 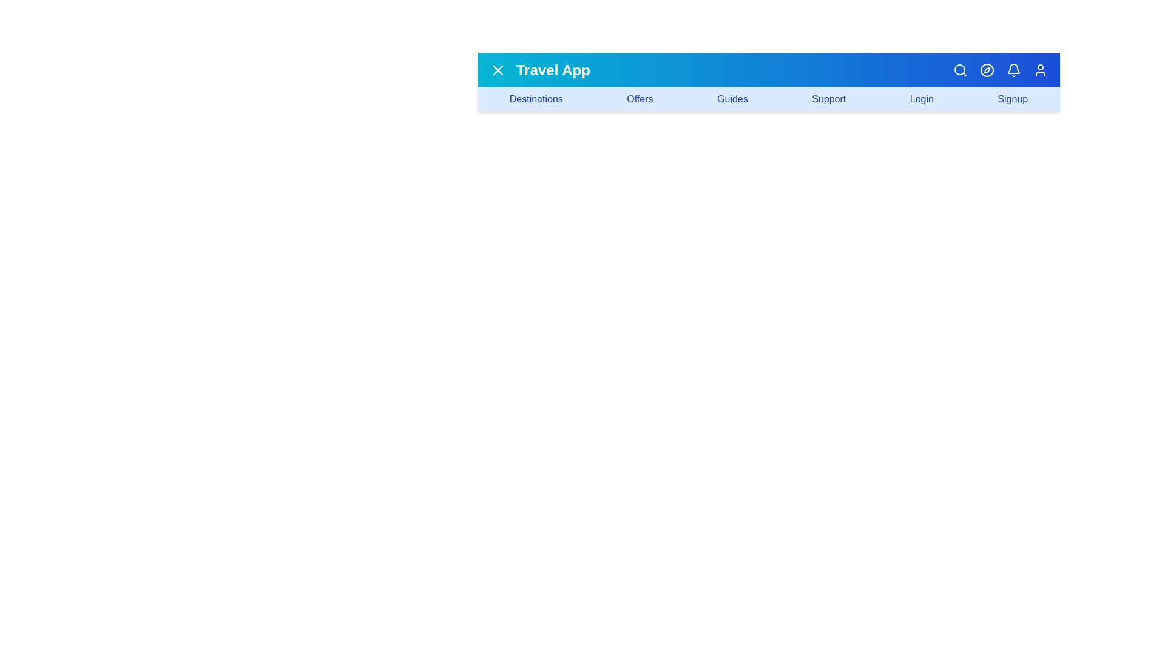 What do you see at coordinates (639, 99) in the screenshot?
I see `the navigation link labeled 'Offers'` at bounding box center [639, 99].